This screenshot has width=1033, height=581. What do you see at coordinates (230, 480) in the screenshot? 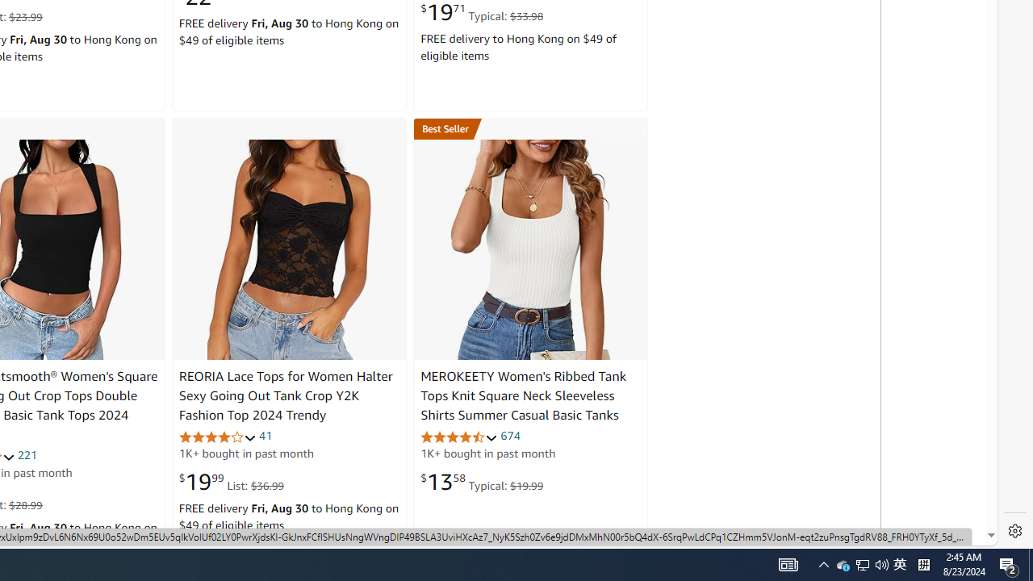
I see `'$19.99 List: $36.99'` at bounding box center [230, 480].